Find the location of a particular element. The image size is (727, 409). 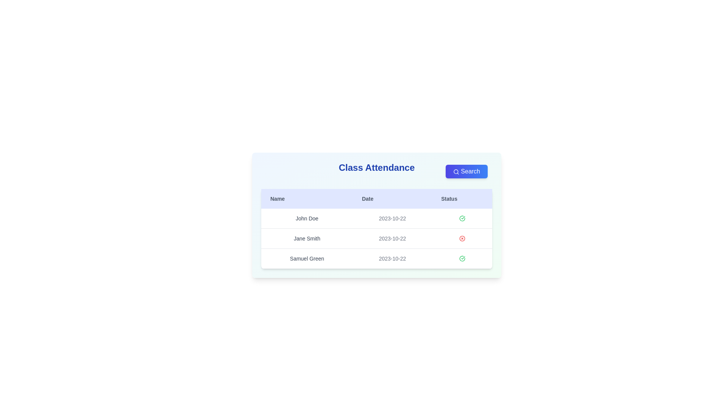

the row corresponding to John Doe is located at coordinates (376, 219).